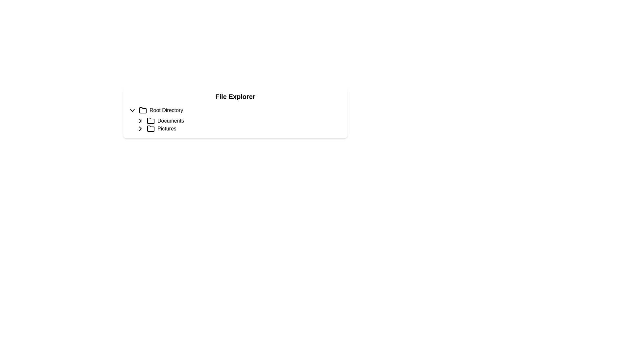 Image resolution: width=631 pixels, height=354 pixels. What do you see at coordinates (140, 129) in the screenshot?
I see `the right-facing chevron icon located near the 'Documents' label under the 'Root Directory' section` at bounding box center [140, 129].